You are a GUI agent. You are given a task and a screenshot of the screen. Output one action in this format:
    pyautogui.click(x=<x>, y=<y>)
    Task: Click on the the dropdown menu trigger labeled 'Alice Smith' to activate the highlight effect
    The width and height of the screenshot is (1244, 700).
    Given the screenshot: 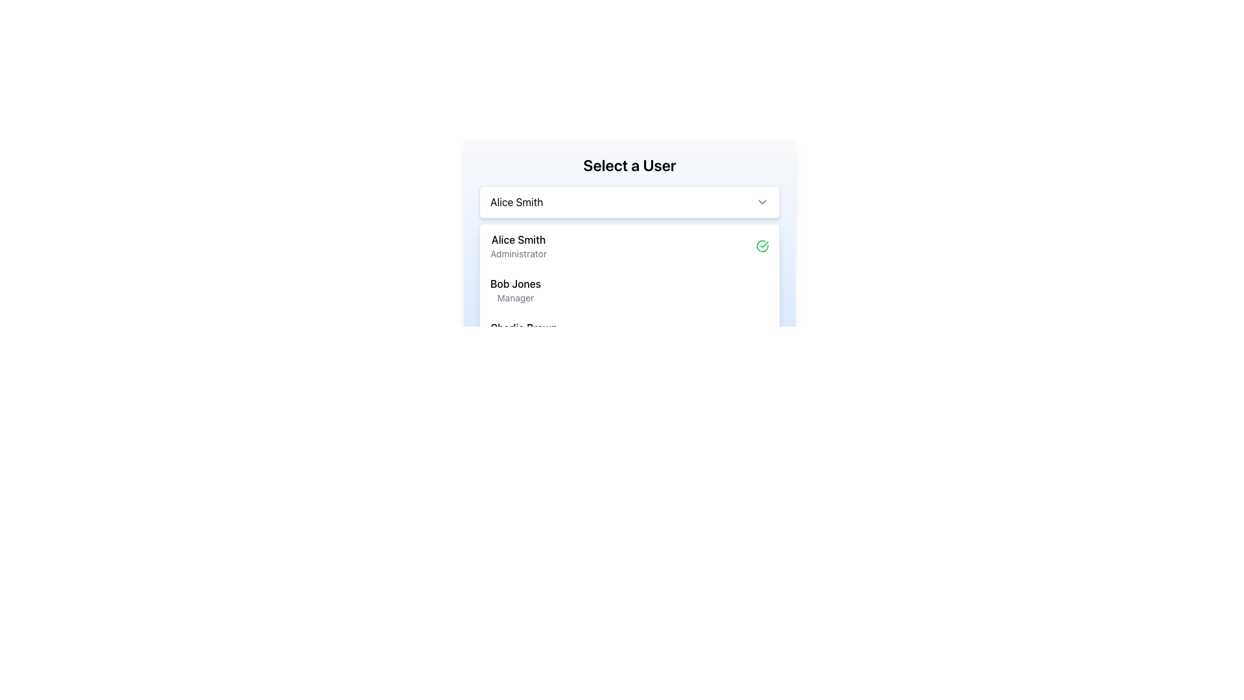 What is the action you would take?
    pyautogui.click(x=629, y=202)
    